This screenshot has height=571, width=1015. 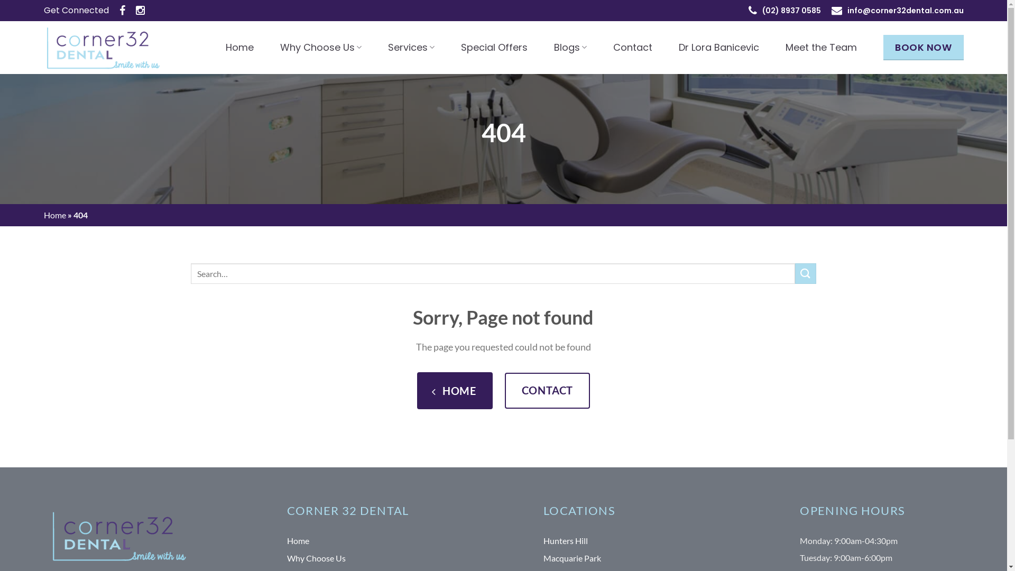 What do you see at coordinates (239, 47) in the screenshot?
I see `'Home'` at bounding box center [239, 47].